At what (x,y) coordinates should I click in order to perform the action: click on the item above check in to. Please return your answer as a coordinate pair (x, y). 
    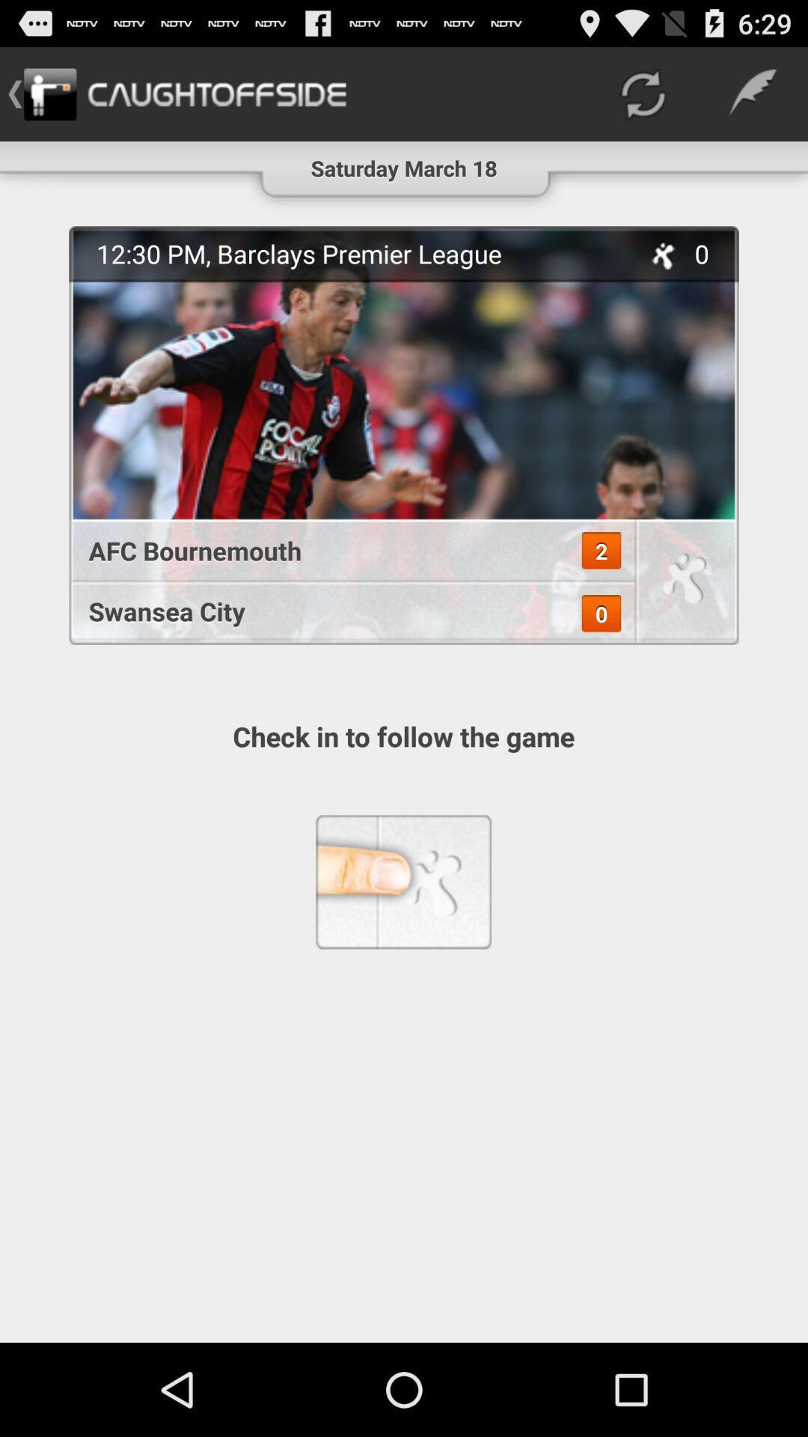
    Looking at the image, I should click on (404, 434).